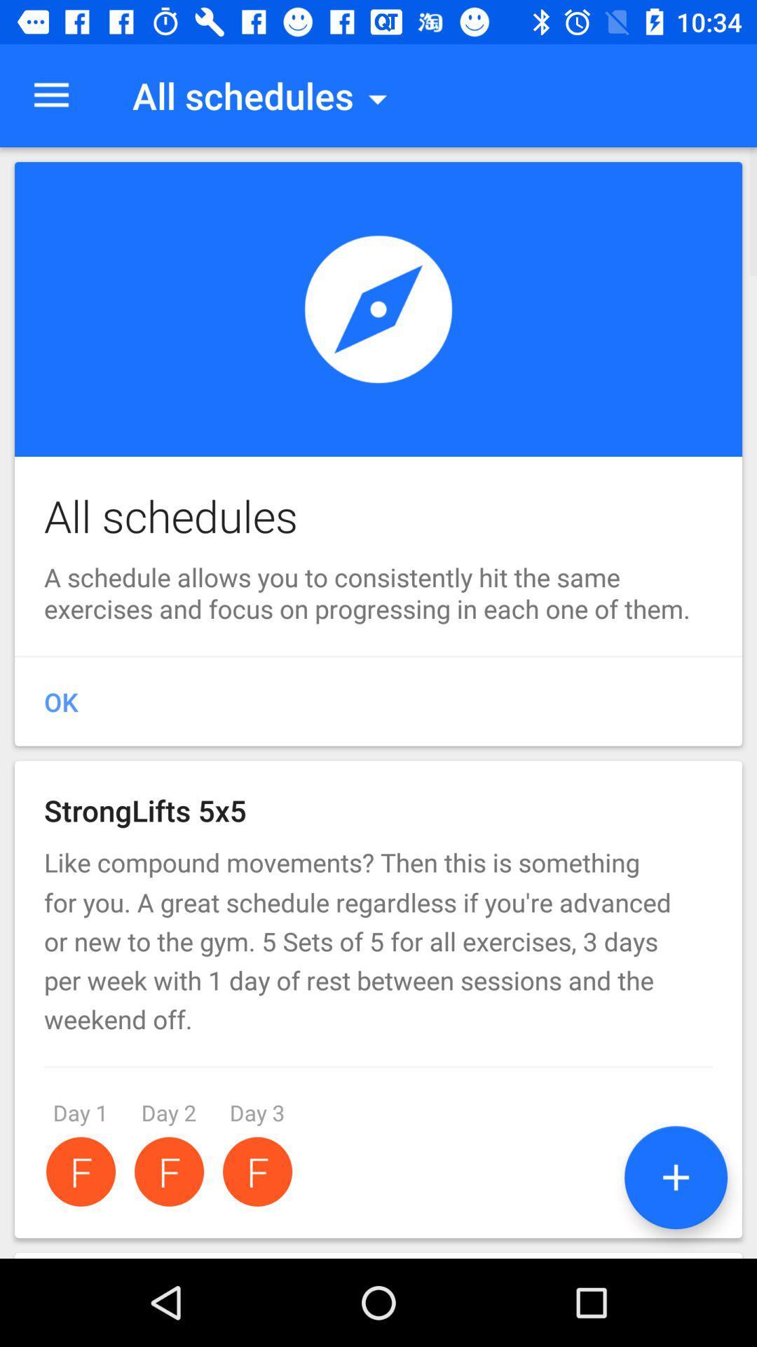 The height and width of the screenshot is (1347, 757). Describe the element at coordinates (378, 454) in the screenshot. I see `the first item below the menu button from top` at that location.